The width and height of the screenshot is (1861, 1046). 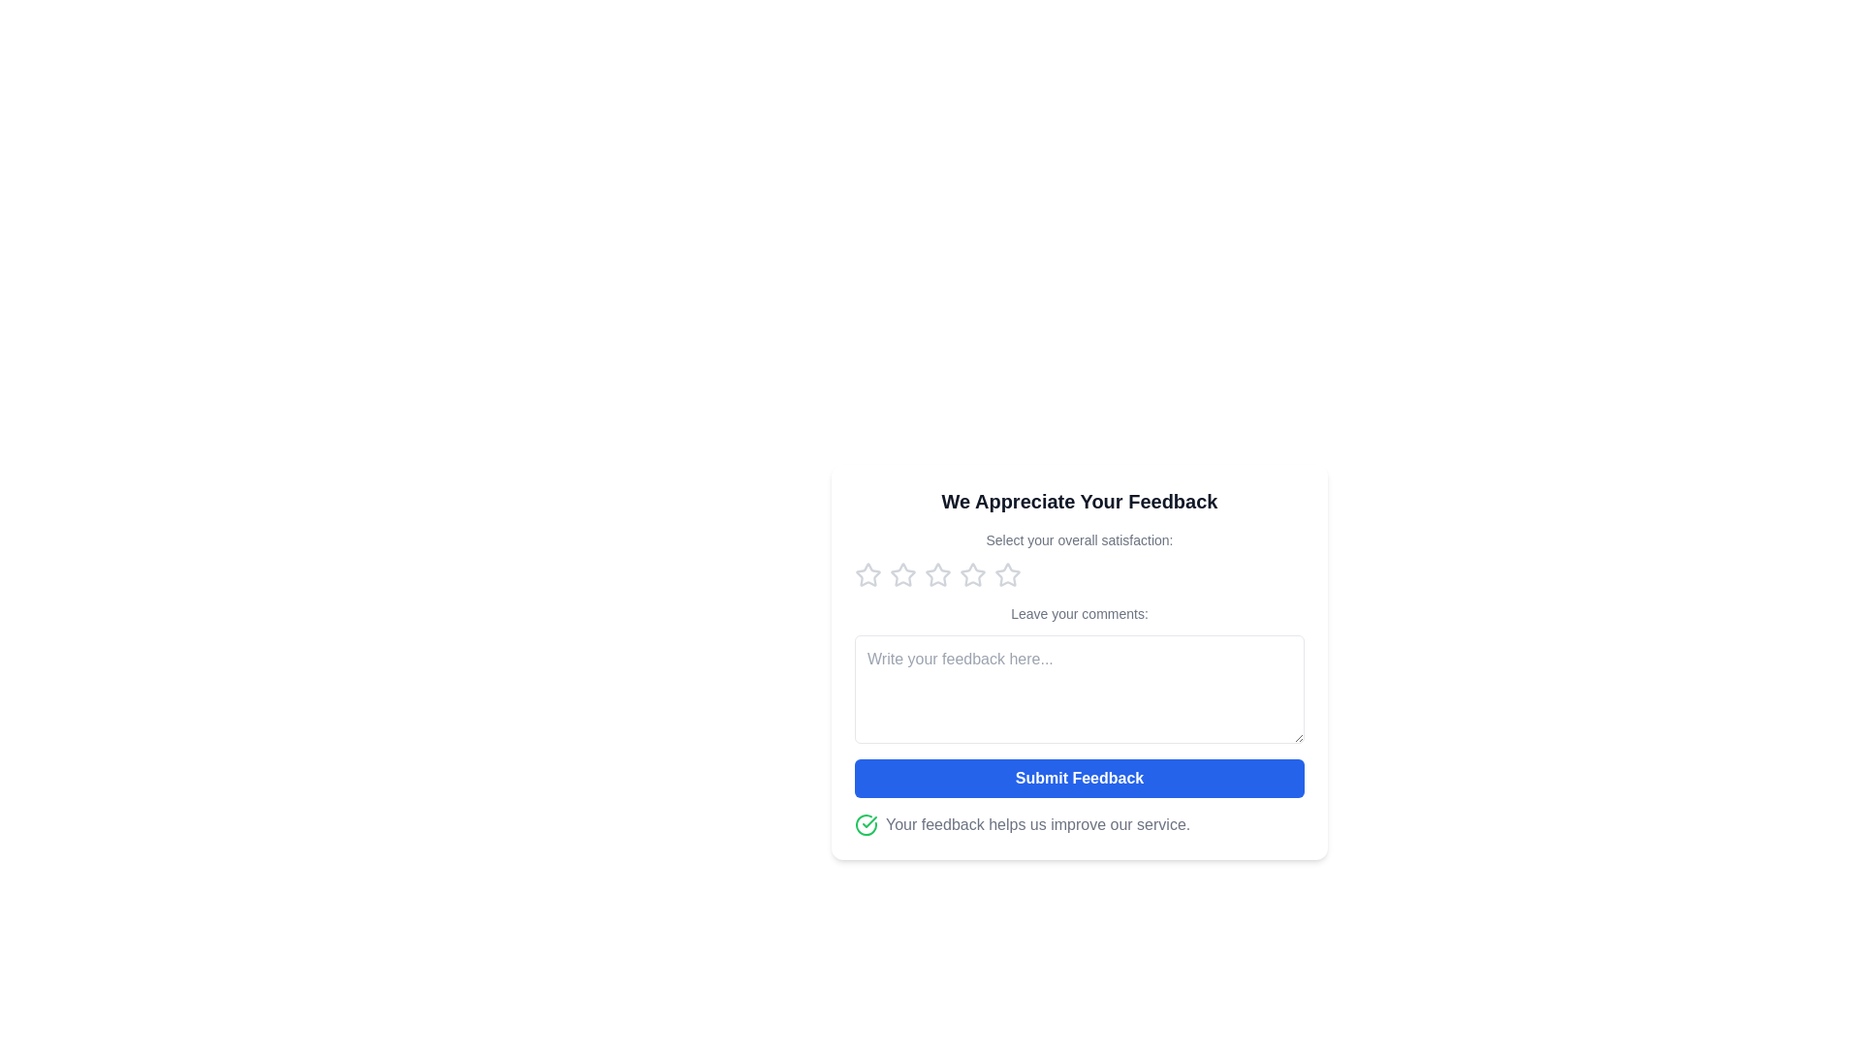 I want to click on the bold heading text label that reads 'We Appreciate Your Feedback', which is prominently displayed at the top of the feedback form card, so click(x=1078, y=500).